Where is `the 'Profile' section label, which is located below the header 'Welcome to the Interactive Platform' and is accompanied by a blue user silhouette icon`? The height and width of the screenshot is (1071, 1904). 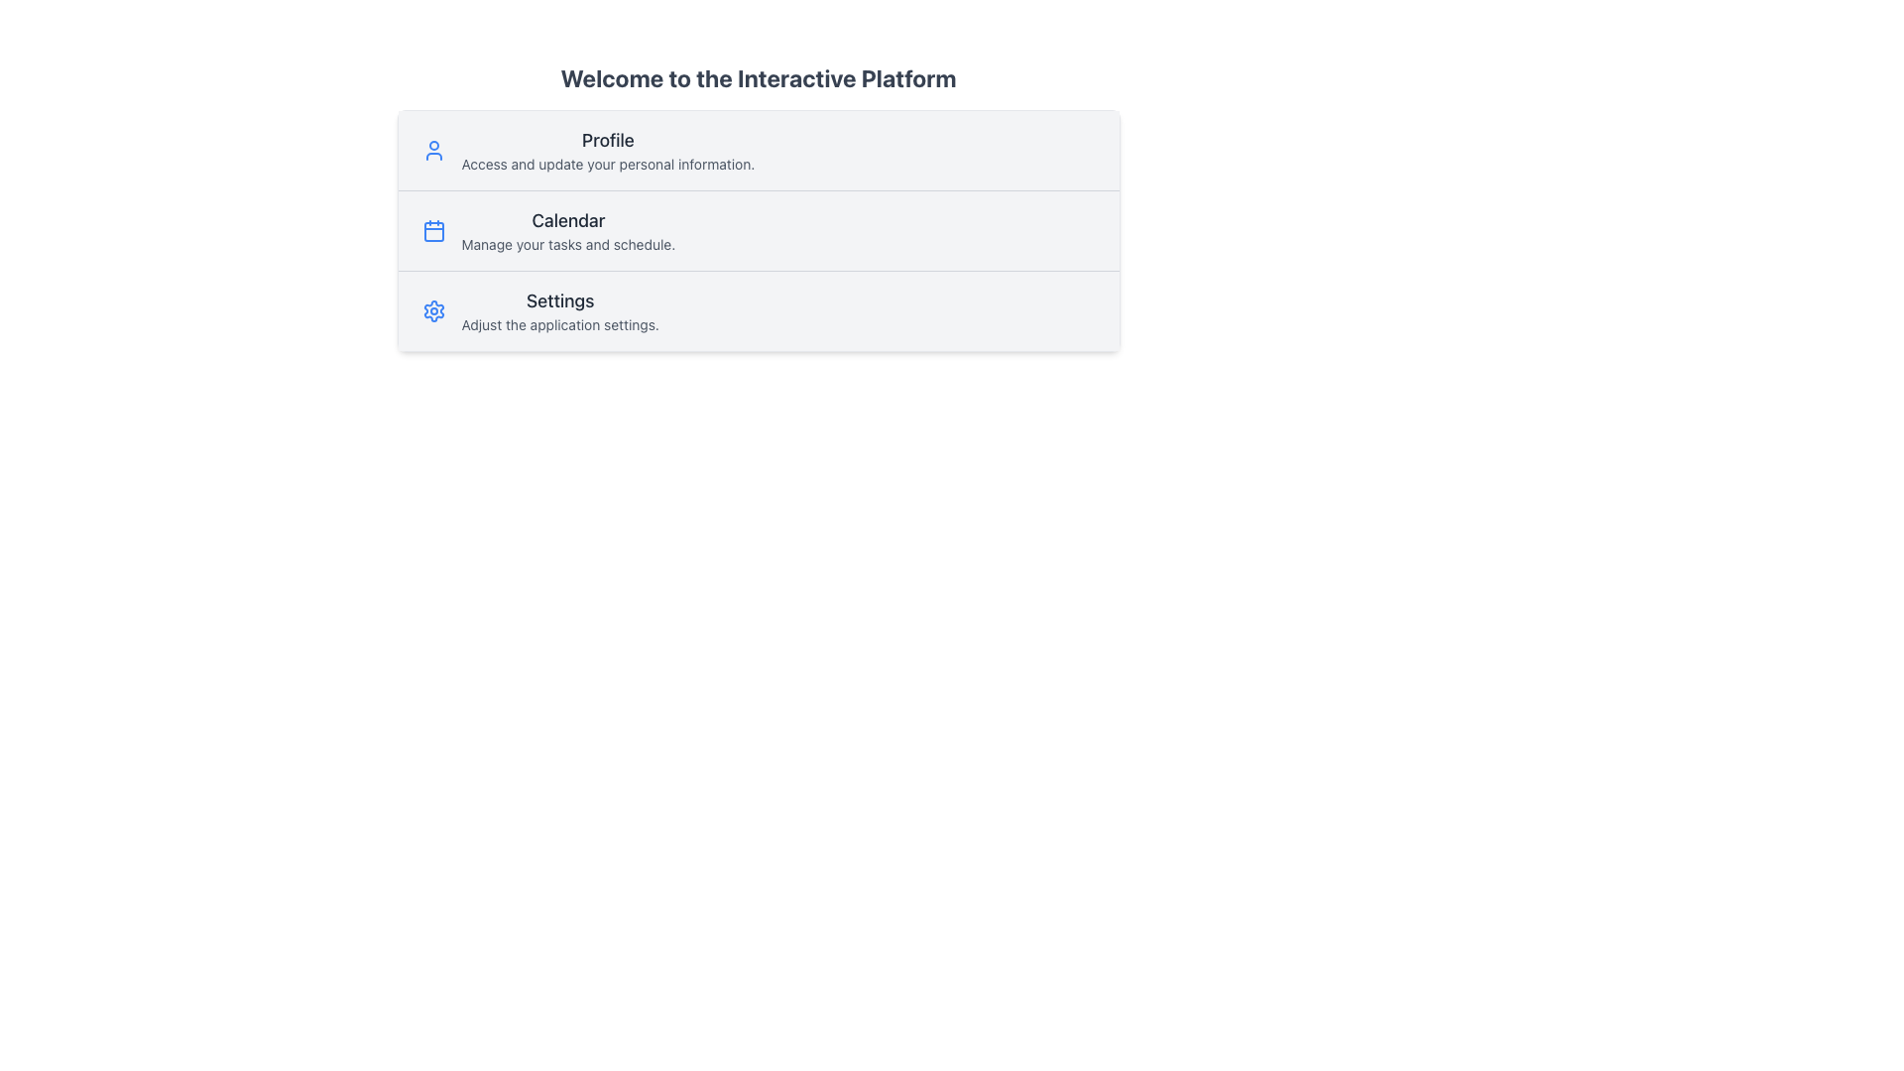 the 'Profile' section label, which is located below the header 'Welcome to the Interactive Platform' and is accompanied by a blue user silhouette icon is located at coordinates (607, 149).